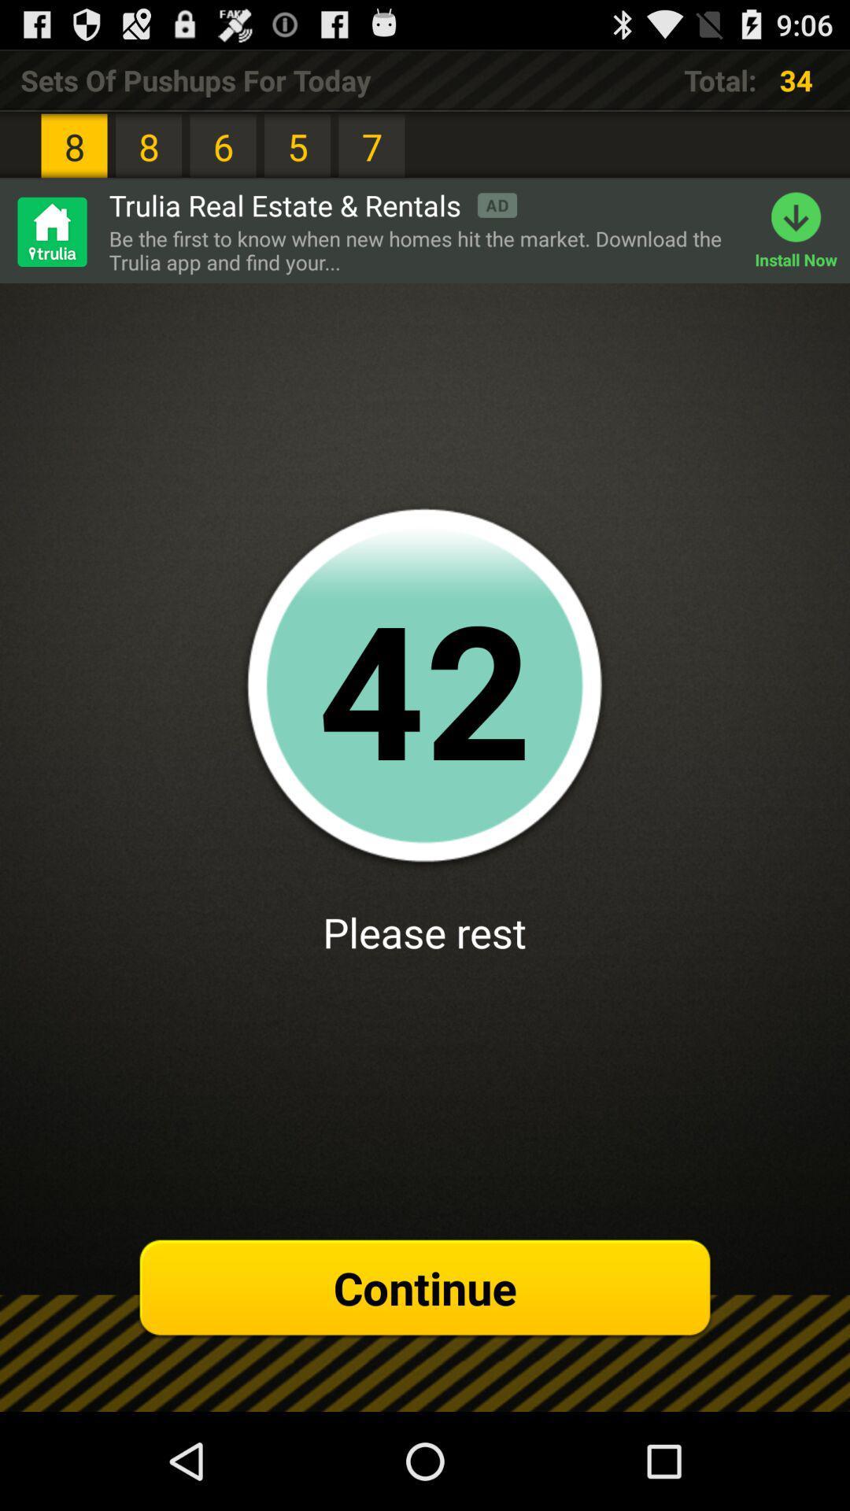 The height and width of the screenshot is (1511, 850). What do you see at coordinates (312, 204) in the screenshot?
I see `the app to the right of the 8 app` at bounding box center [312, 204].